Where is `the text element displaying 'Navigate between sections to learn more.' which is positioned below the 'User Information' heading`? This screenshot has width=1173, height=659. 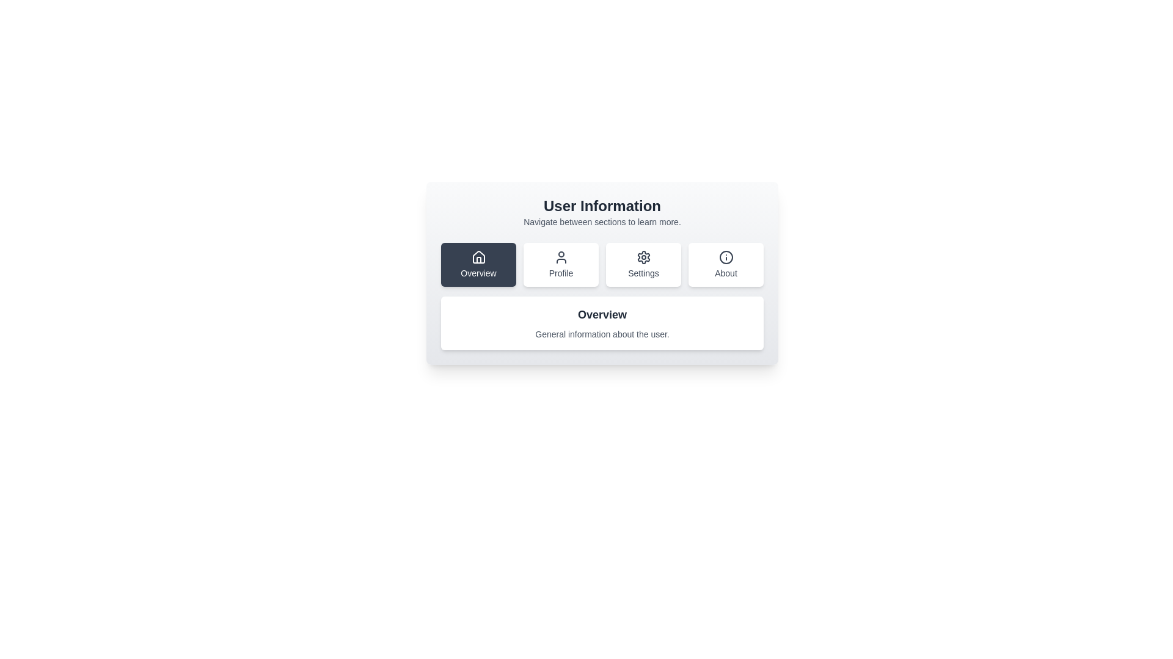
the text element displaying 'Navigate between sections to learn more.' which is positioned below the 'User Information' heading is located at coordinates (602, 221).